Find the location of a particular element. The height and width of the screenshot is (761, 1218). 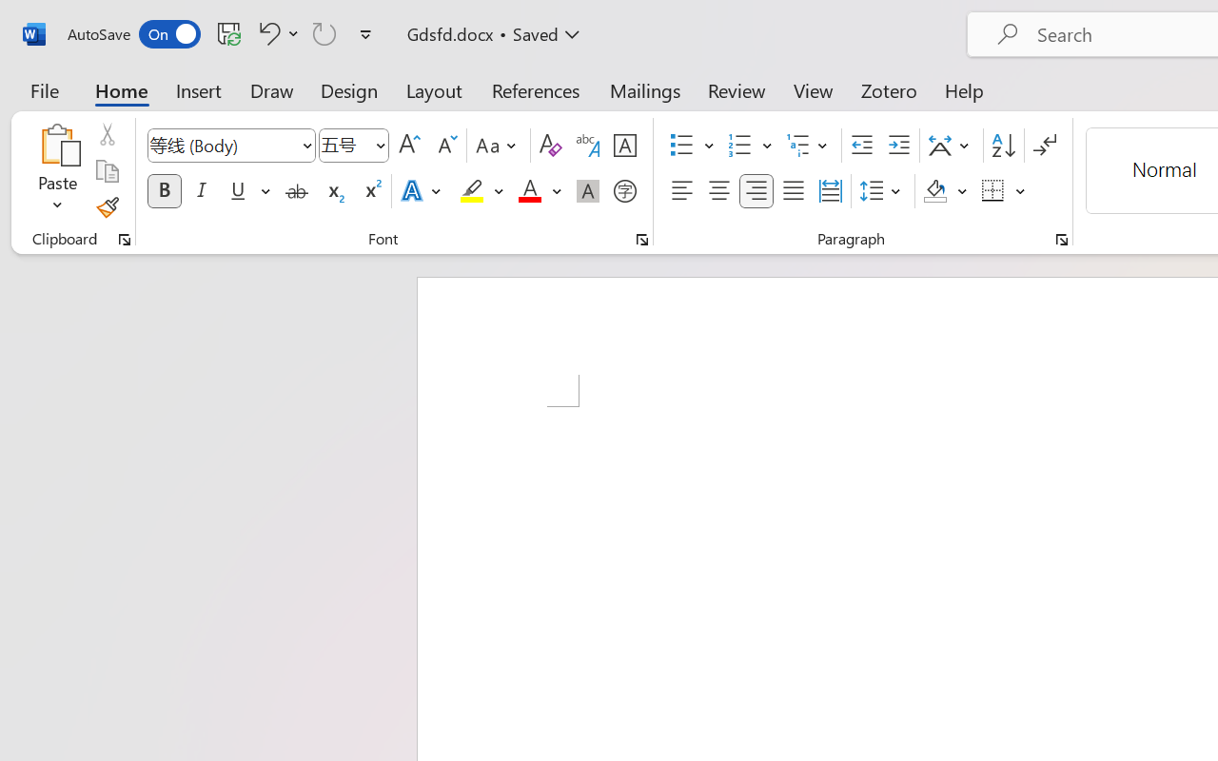

'Character Shading' is located at coordinates (587, 191).